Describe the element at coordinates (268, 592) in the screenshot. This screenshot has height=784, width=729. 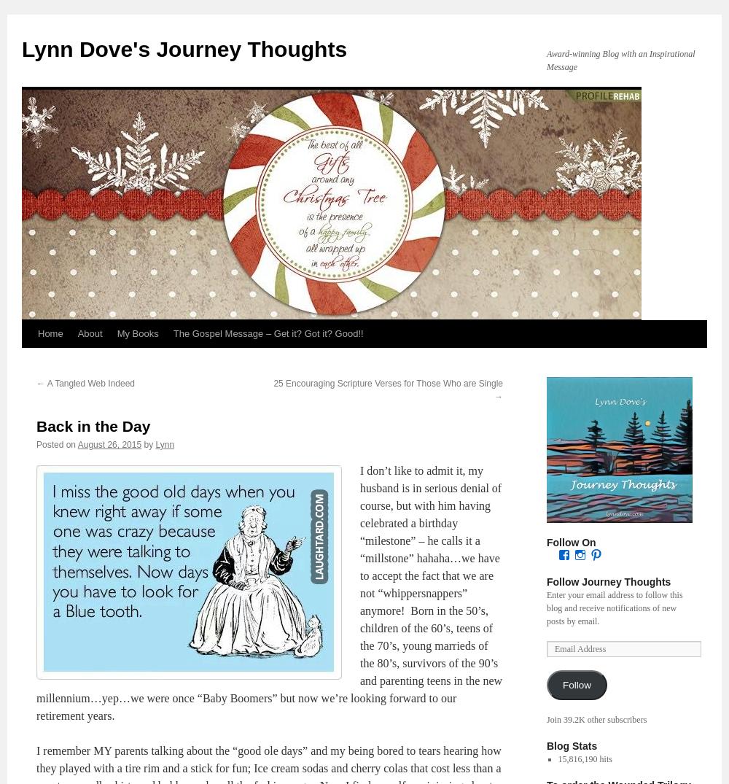
I see `'I don’t like to admit it, my husband is in serious denial of course, but with him having celebrated a birthday “milestone” – he calls it a “millstone” hahaha…we have to accept the fact that we are not “whippersnappers” anymore!  Born in the 50’s, children of the 60’s, teens of the 70’s, young marrieds of the 80’s, survivors of the 90’s and parenting teens in the new millennium…yep…we were once “Baby Boomers” but now we’re looking forward to our retirement years.'` at that location.